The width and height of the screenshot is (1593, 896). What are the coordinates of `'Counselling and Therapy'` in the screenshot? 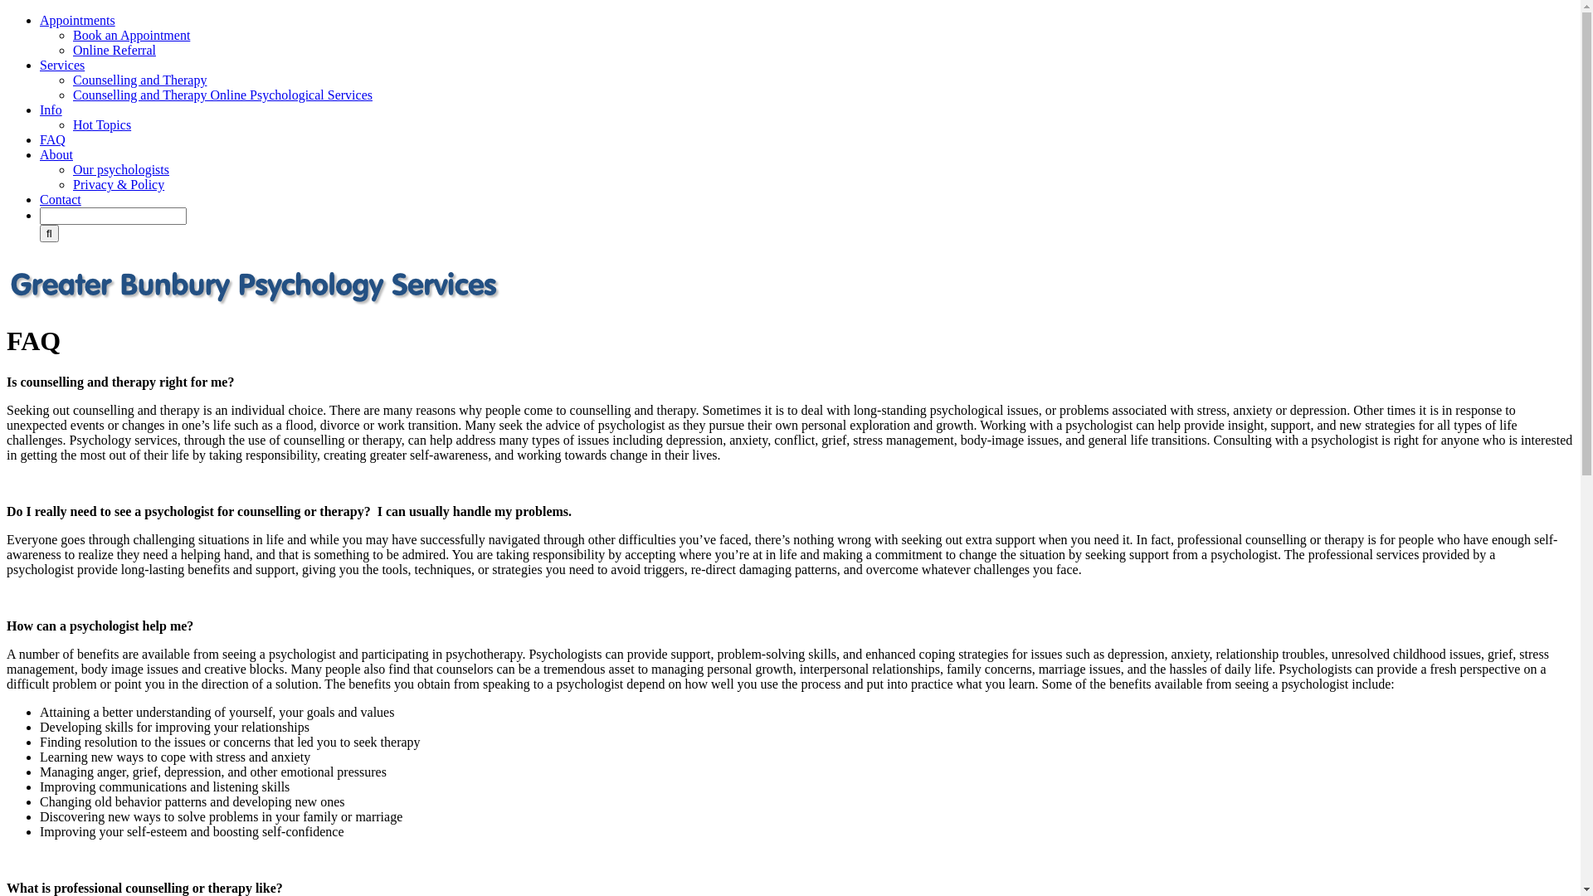 It's located at (71, 80).